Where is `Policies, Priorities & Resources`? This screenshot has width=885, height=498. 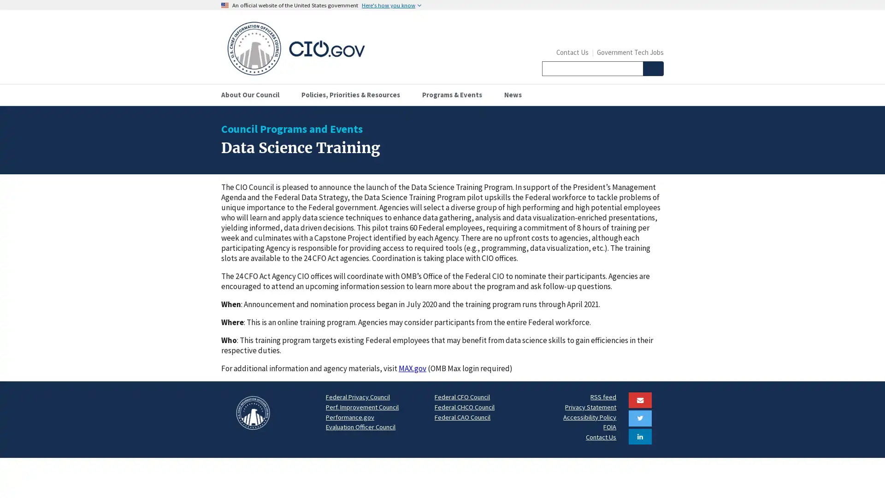 Policies, Priorities & Resources is located at coordinates (354, 95).